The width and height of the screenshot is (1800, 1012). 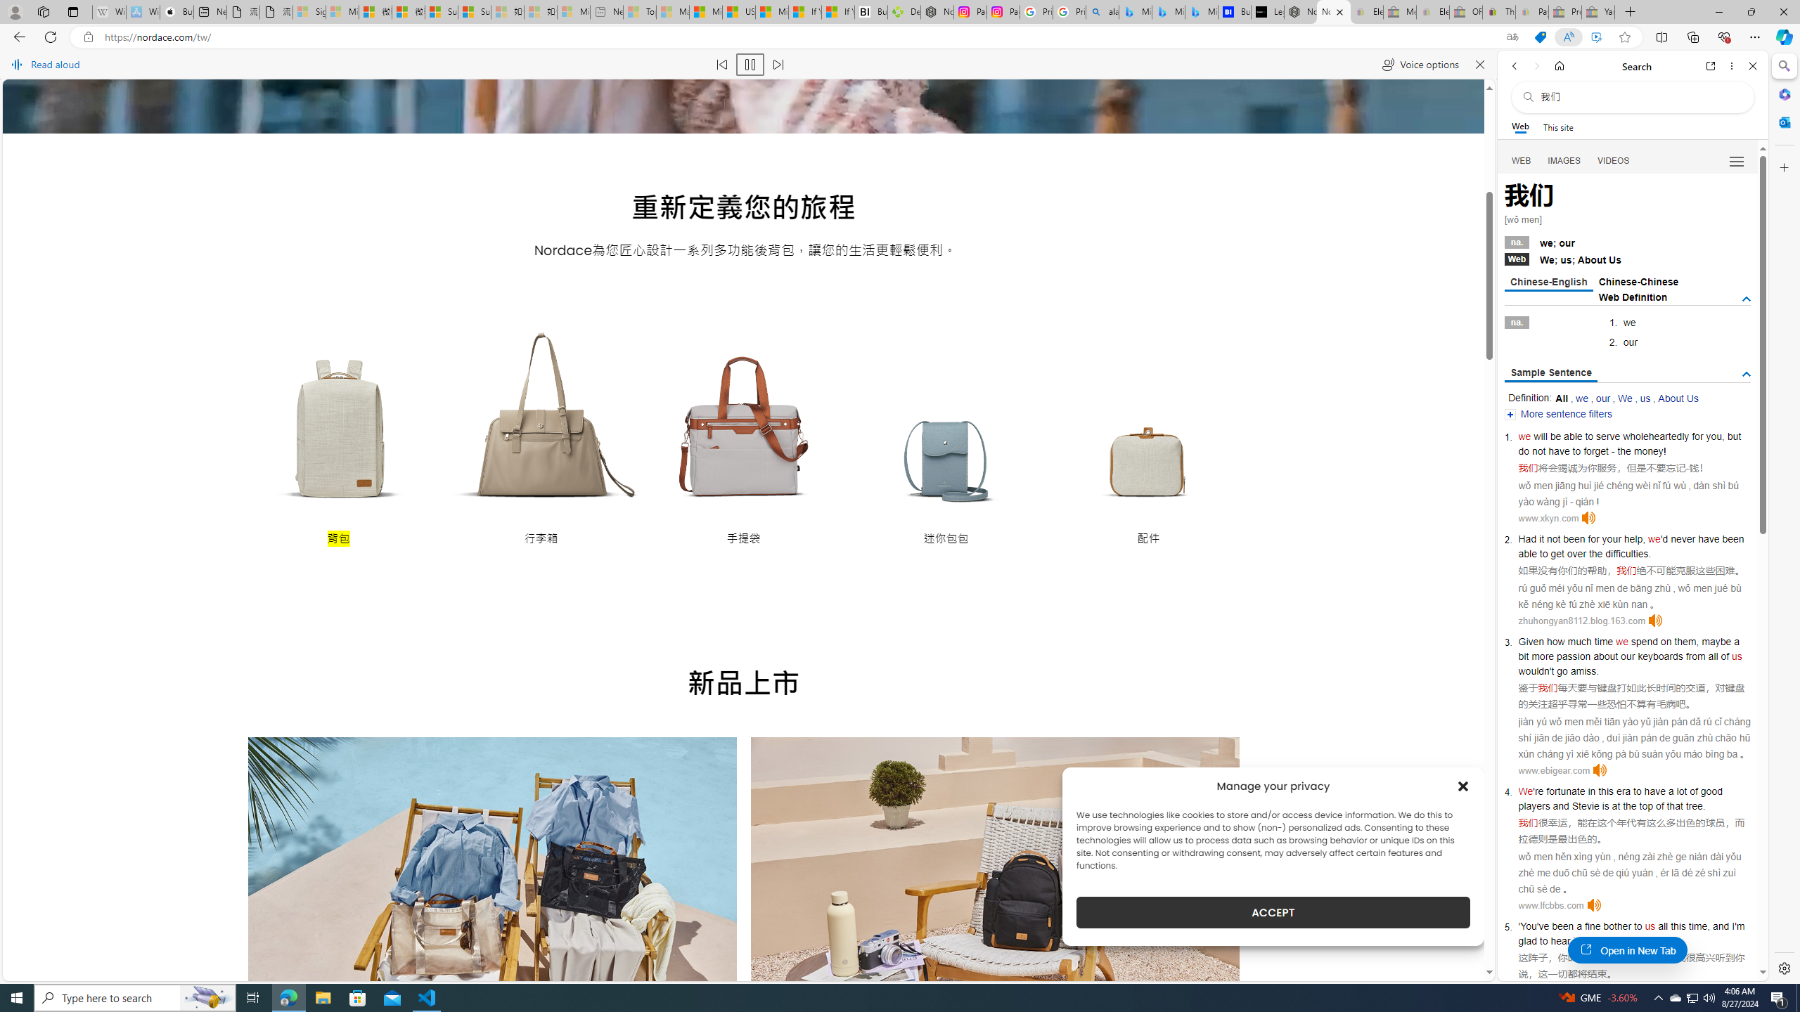 I want to click on 'Voice options', so click(x=1421, y=64).